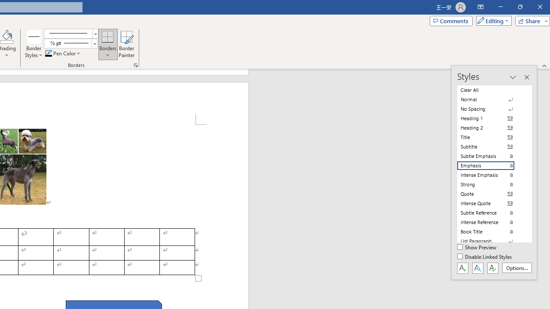 This screenshot has width=550, height=309. Describe the element at coordinates (491, 90) in the screenshot. I see `'Clear All'` at that location.